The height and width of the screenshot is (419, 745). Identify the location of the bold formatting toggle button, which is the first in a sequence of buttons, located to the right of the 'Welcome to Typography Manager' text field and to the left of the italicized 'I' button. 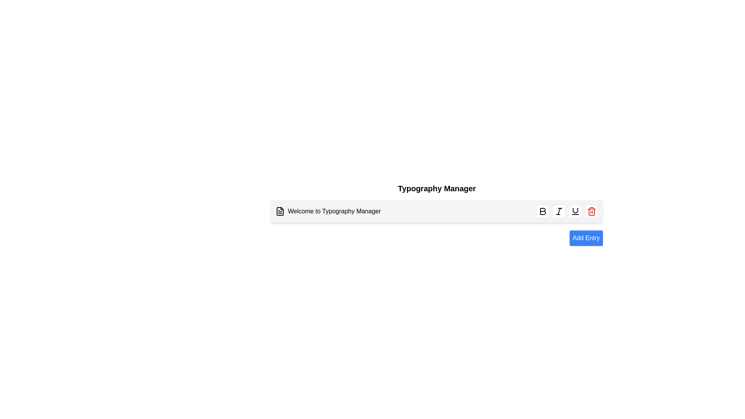
(542, 211).